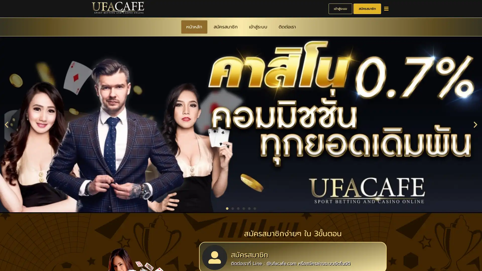 The width and height of the screenshot is (482, 271). I want to click on Go to slide 5, so click(249, 208).